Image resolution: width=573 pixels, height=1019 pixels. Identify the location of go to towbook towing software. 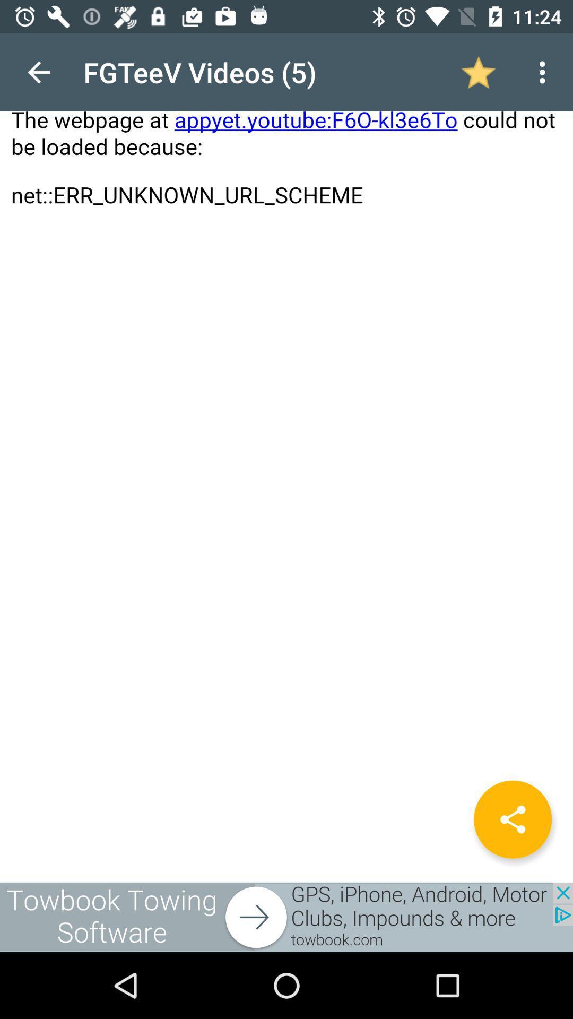
(286, 917).